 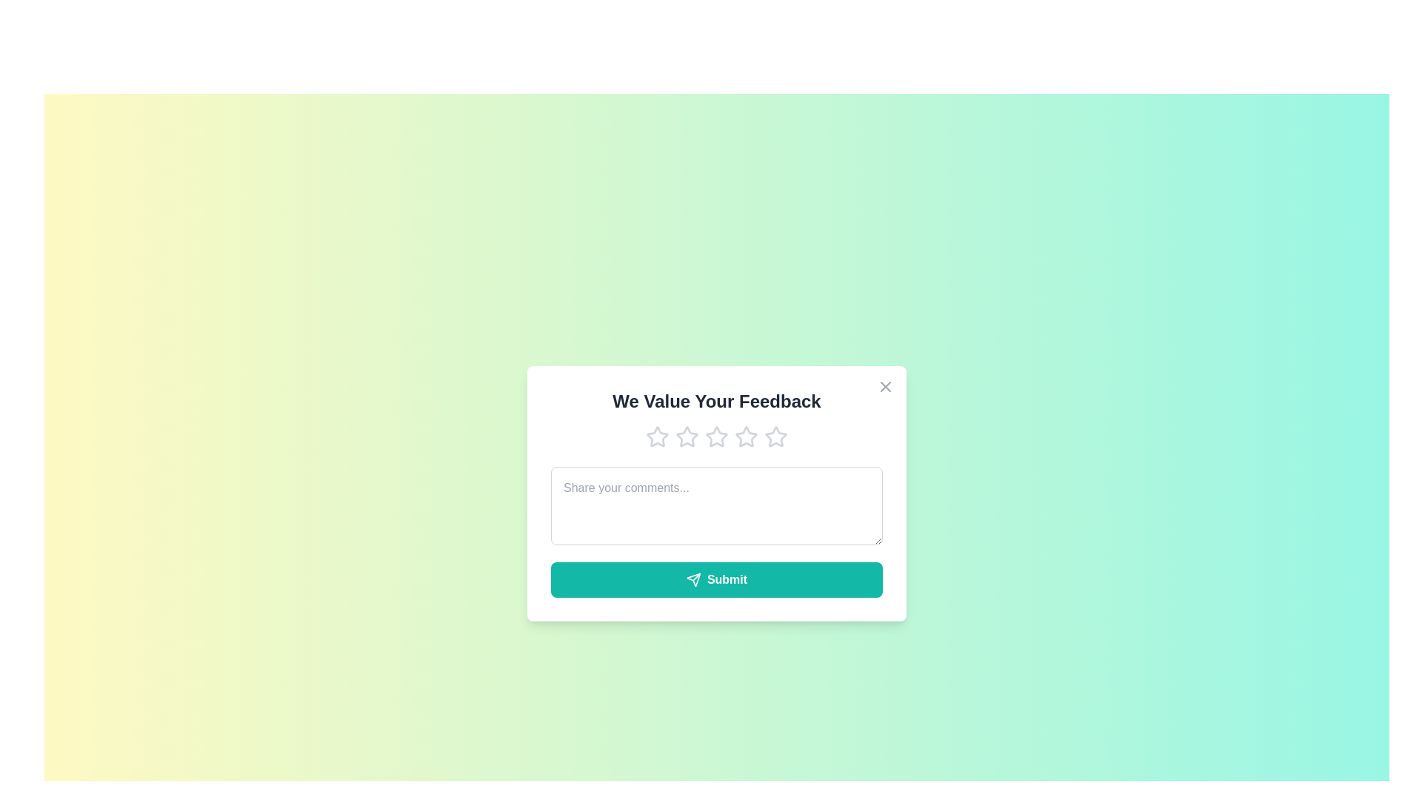 What do you see at coordinates (717, 579) in the screenshot?
I see `the submit button to submit feedback` at bounding box center [717, 579].